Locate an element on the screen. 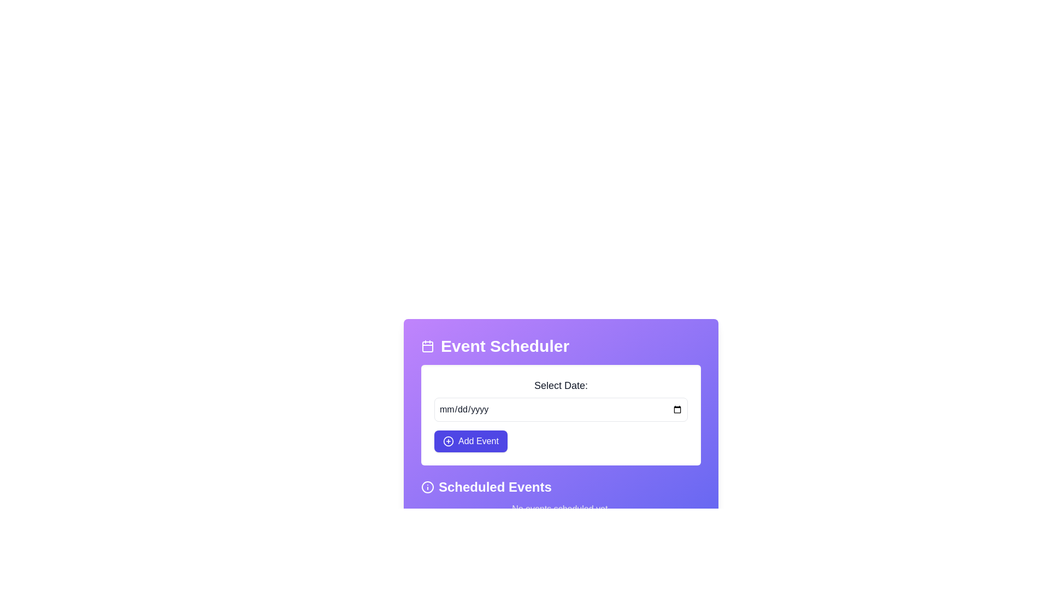 Image resolution: width=1049 pixels, height=590 pixels. the 'Add Event' button within the date selection module of the Event Scheduler is located at coordinates (561, 415).